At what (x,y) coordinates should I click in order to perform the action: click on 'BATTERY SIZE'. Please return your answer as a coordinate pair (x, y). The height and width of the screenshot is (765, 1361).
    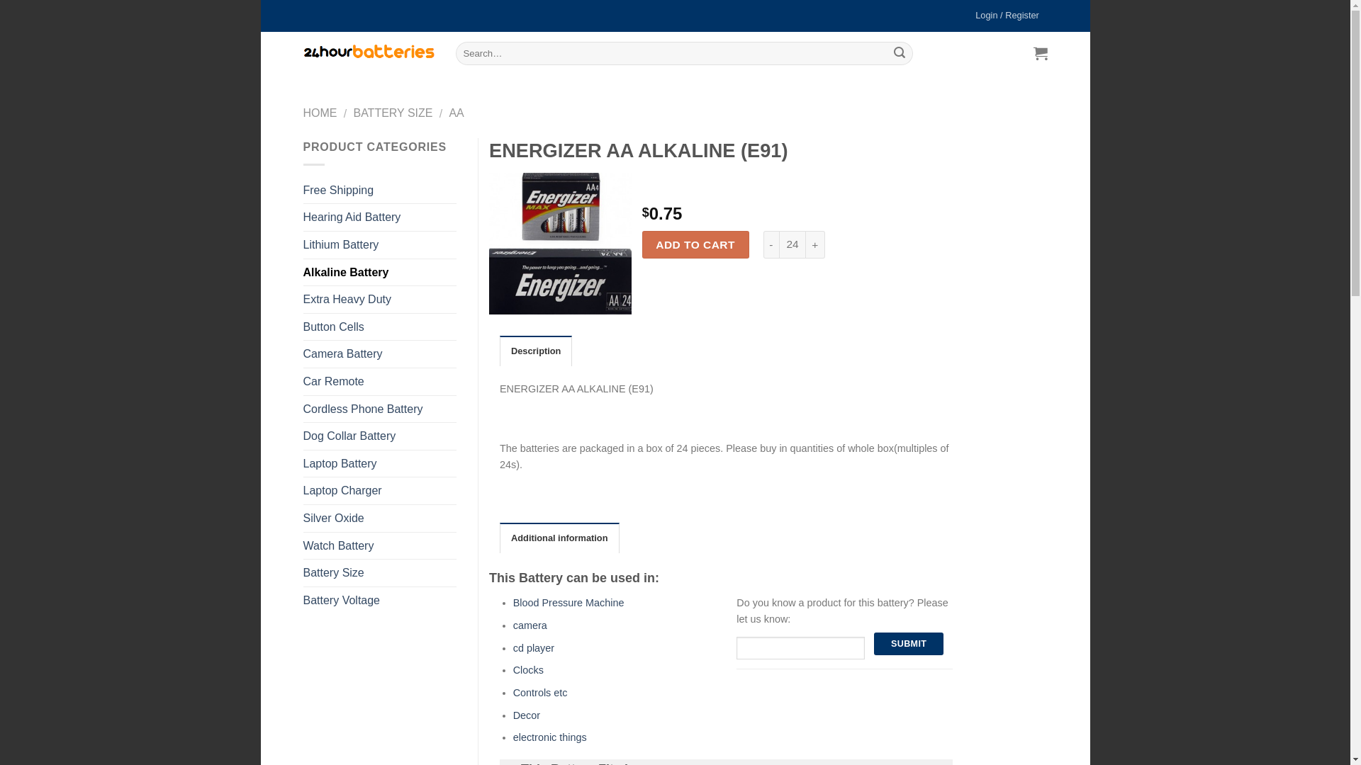
    Looking at the image, I should click on (392, 112).